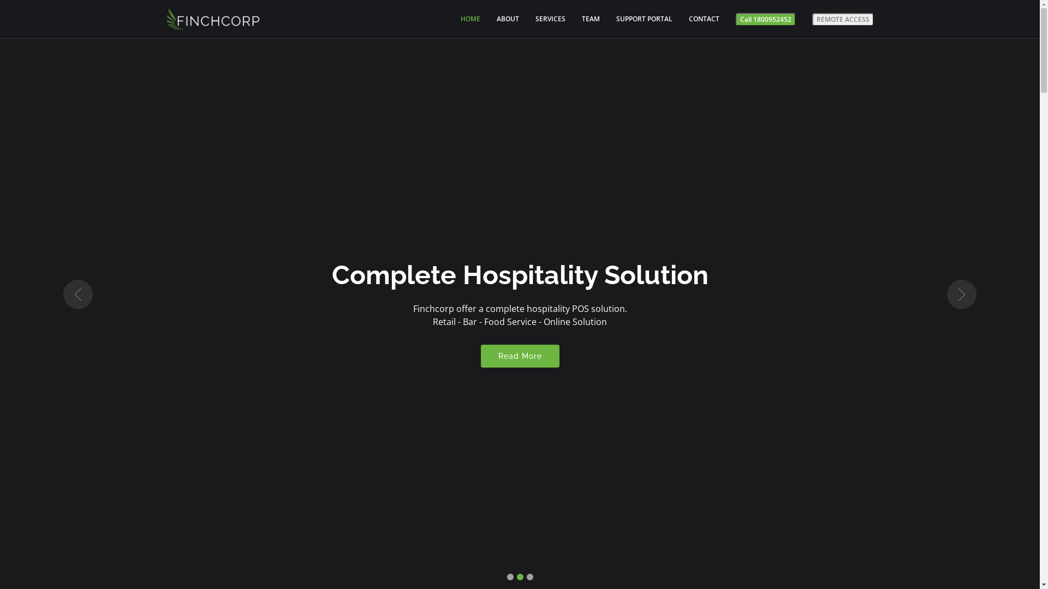  Describe the element at coordinates (695, 19) in the screenshot. I see `'CONTACT'` at that location.